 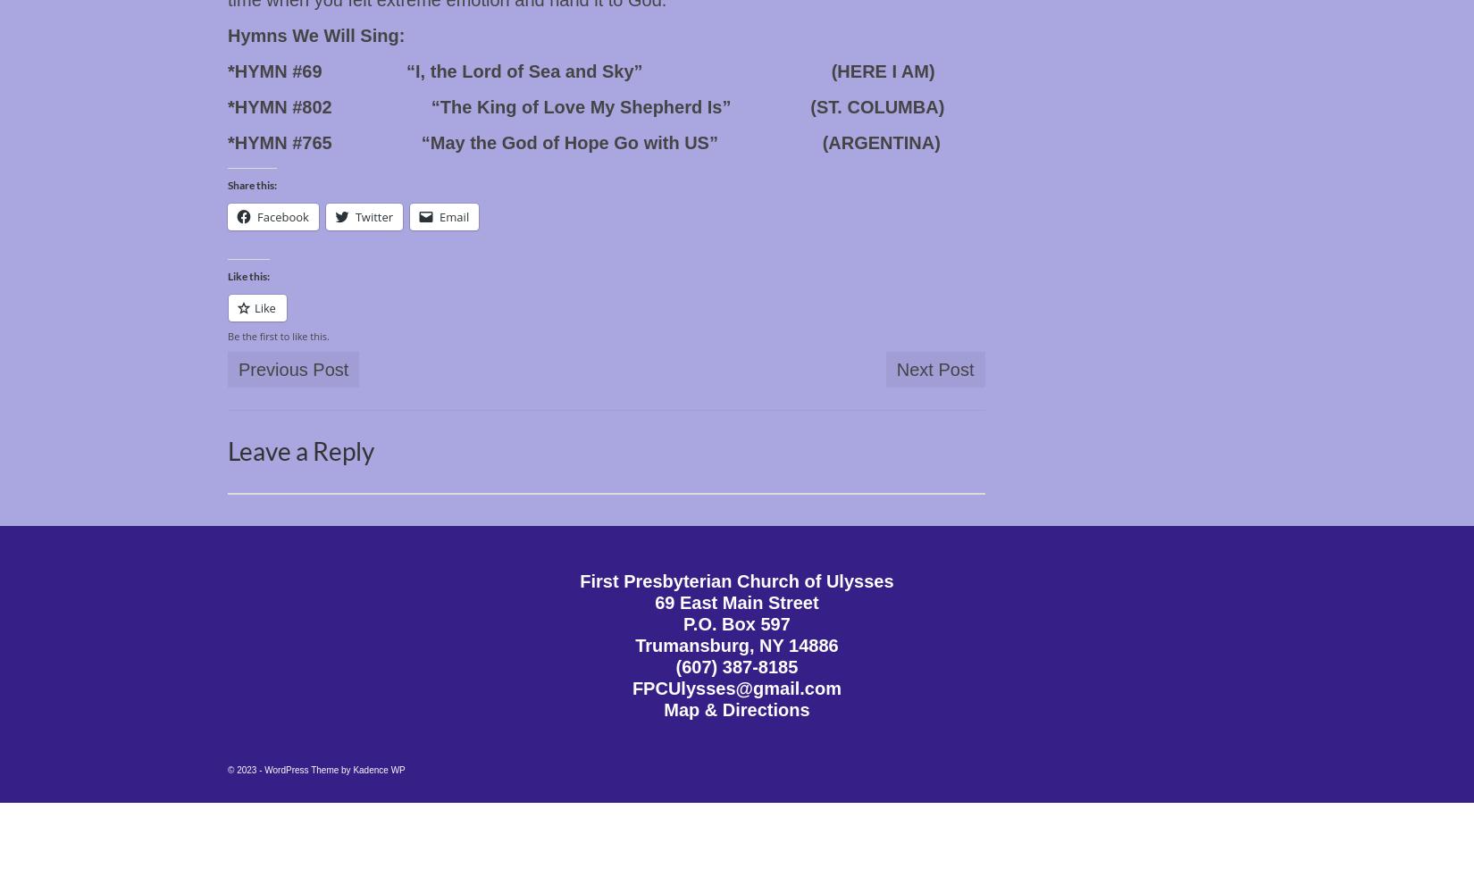 What do you see at coordinates (315, 36) in the screenshot?
I see `'Hymns We Will Sing:'` at bounding box center [315, 36].